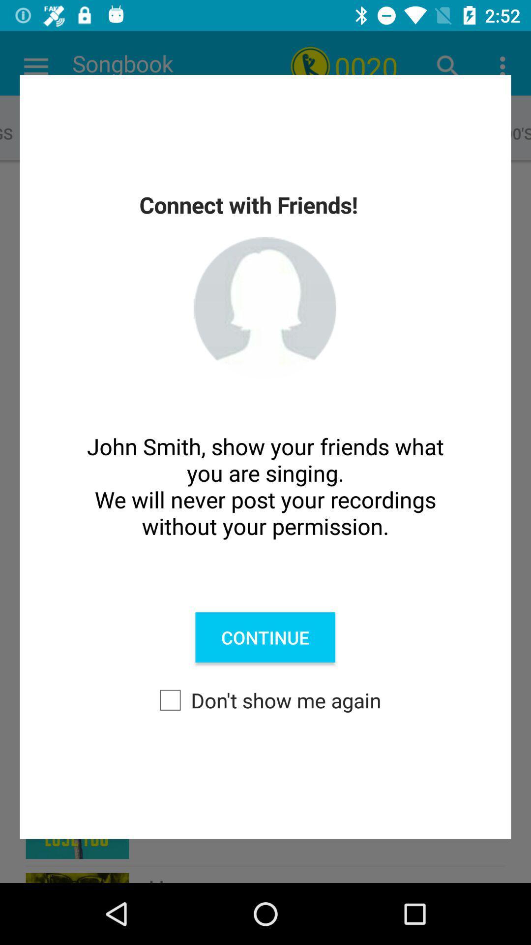 Image resolution: width=531 pixels, height=945 pixels. What do you see at coordinates (265, 699) in the screenshot?
I see `the don t show item` at bounding box center [265, 699].